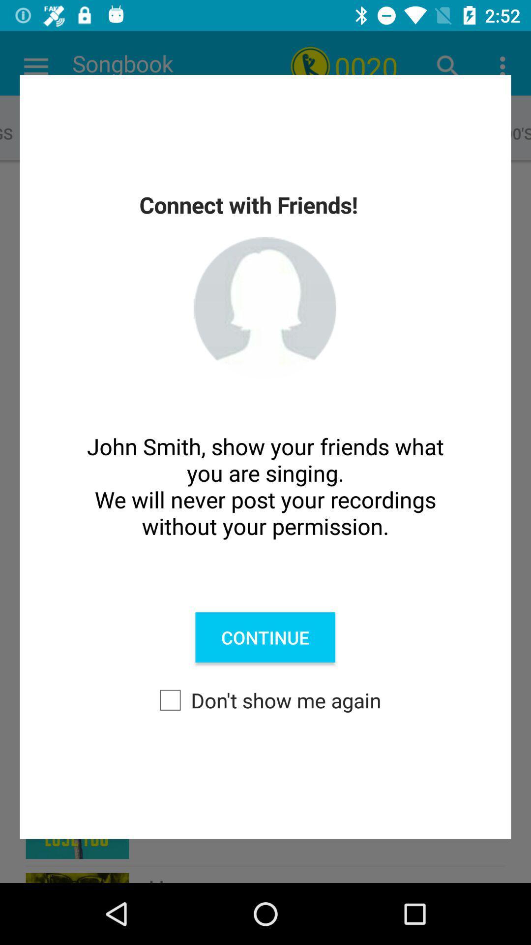 Image resolution: width=531 pixels, height=945 pixels. What do you see at coordinates (265, 699) in the screenshot?
I see `the don t show item` at bounding box center [265, 699].